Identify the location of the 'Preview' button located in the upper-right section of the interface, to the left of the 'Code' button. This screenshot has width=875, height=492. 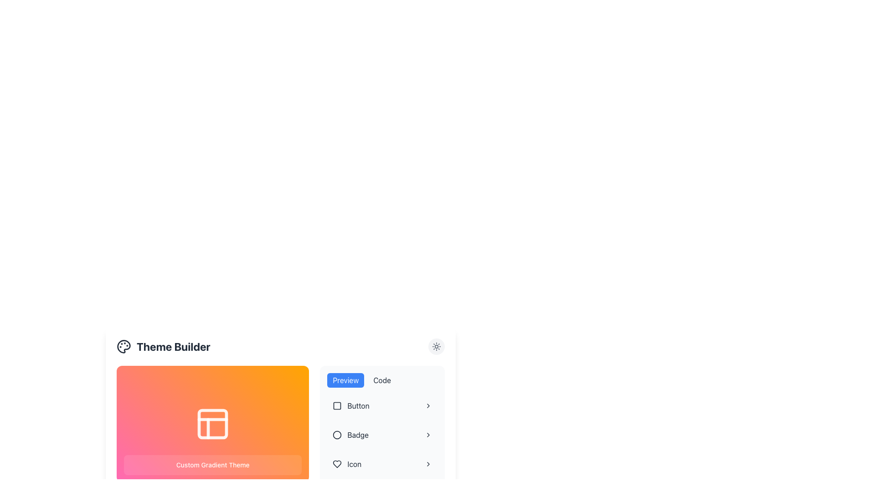
(345, 380).